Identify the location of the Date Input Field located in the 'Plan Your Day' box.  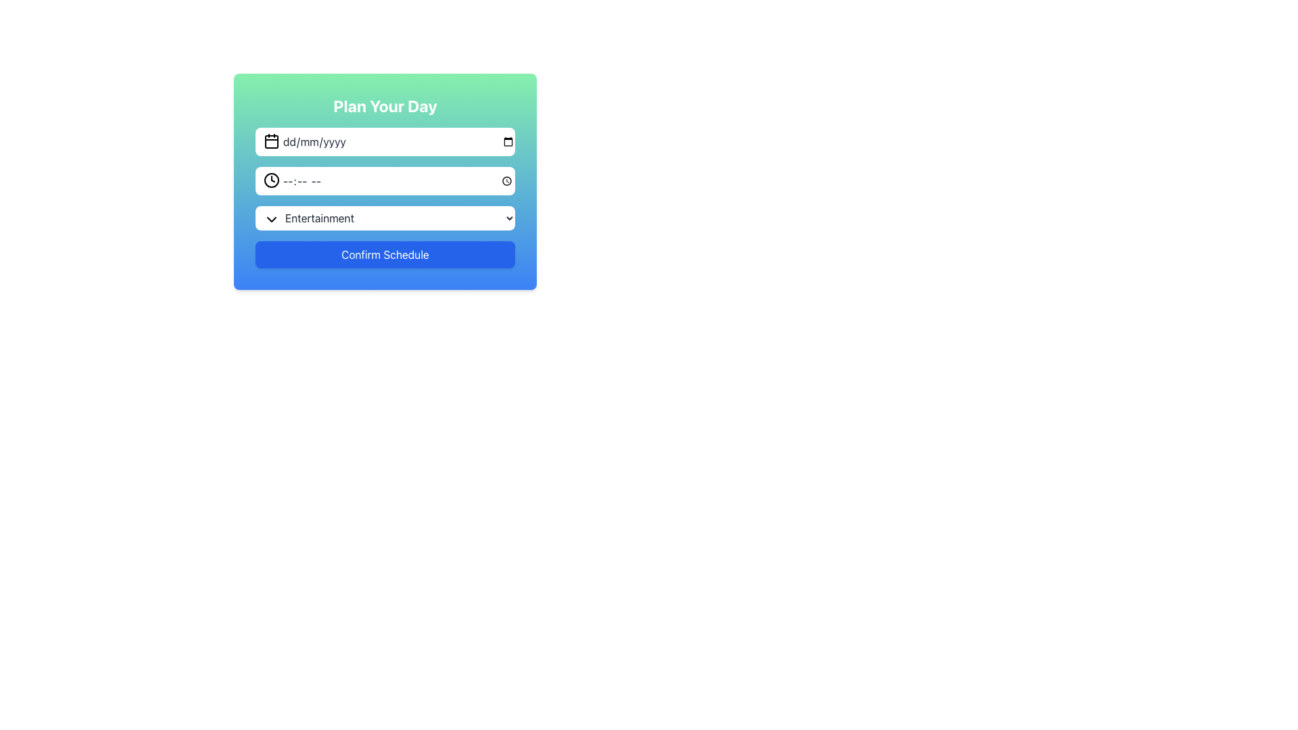
(385, 141).